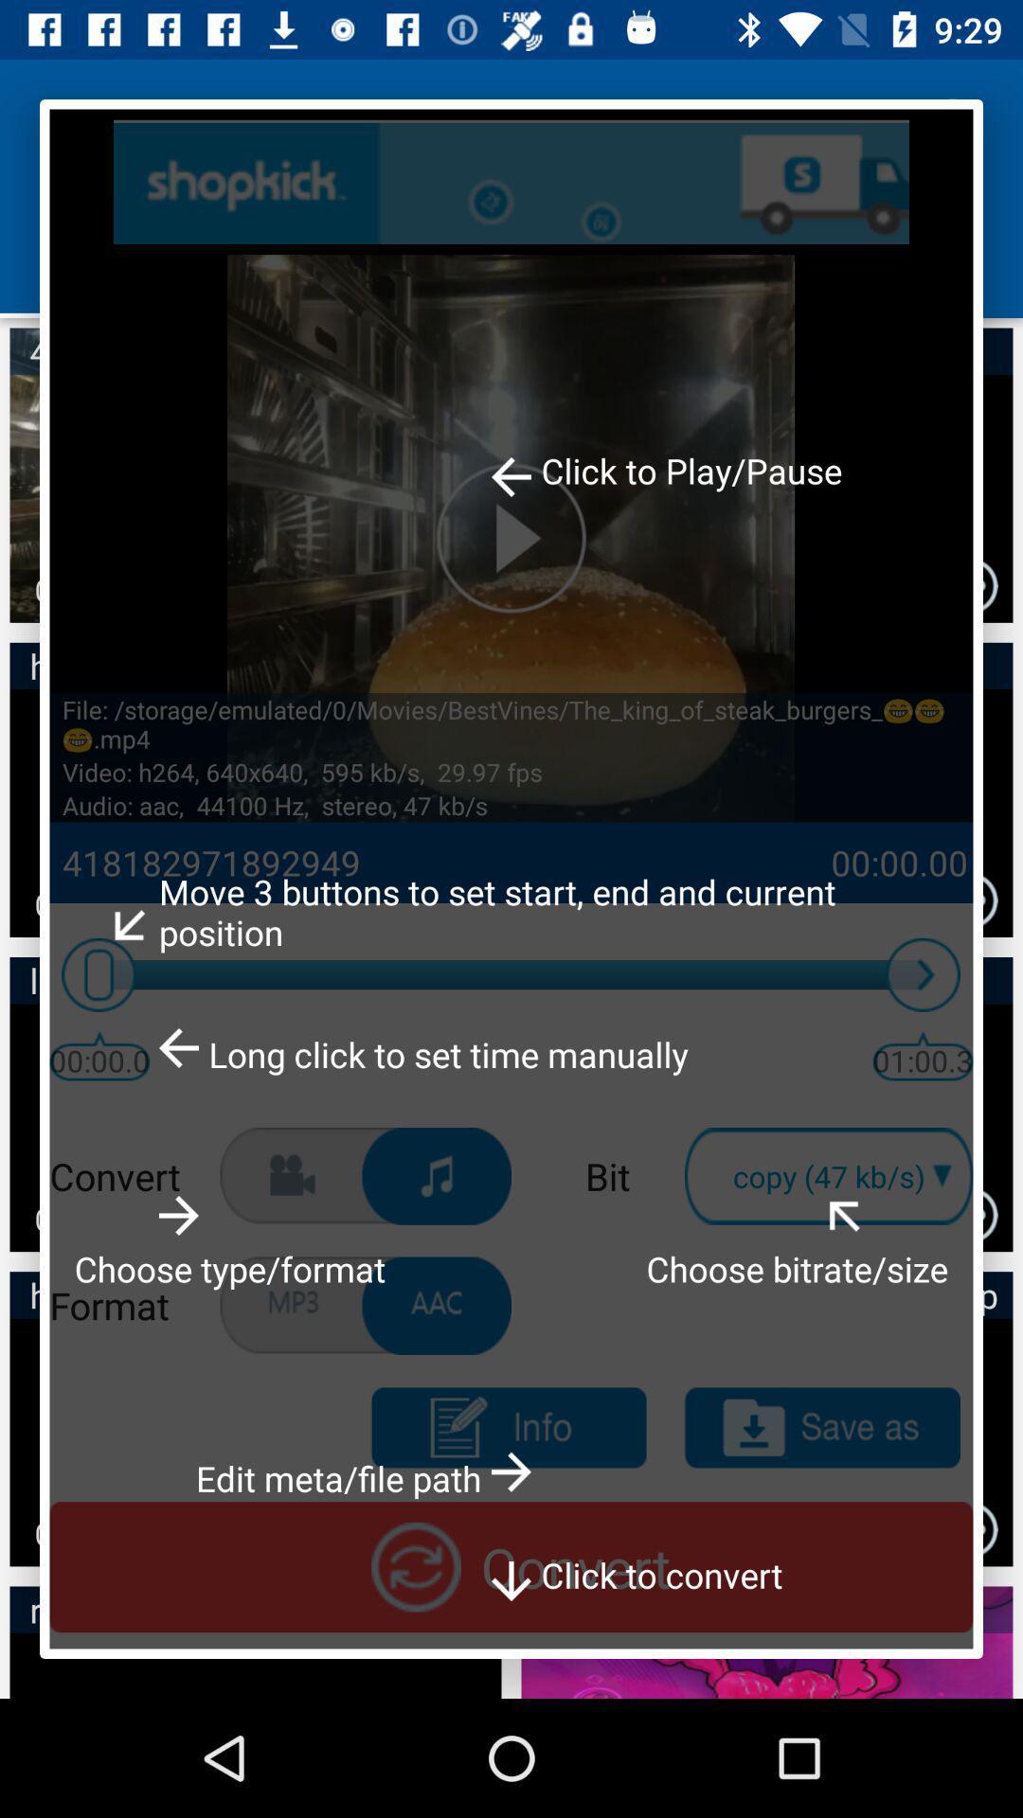 This screenshot has width=1023, height=1818. Describe the element at coordinates (437, 1175) in the screenshot. I see `convert audio` at that location.